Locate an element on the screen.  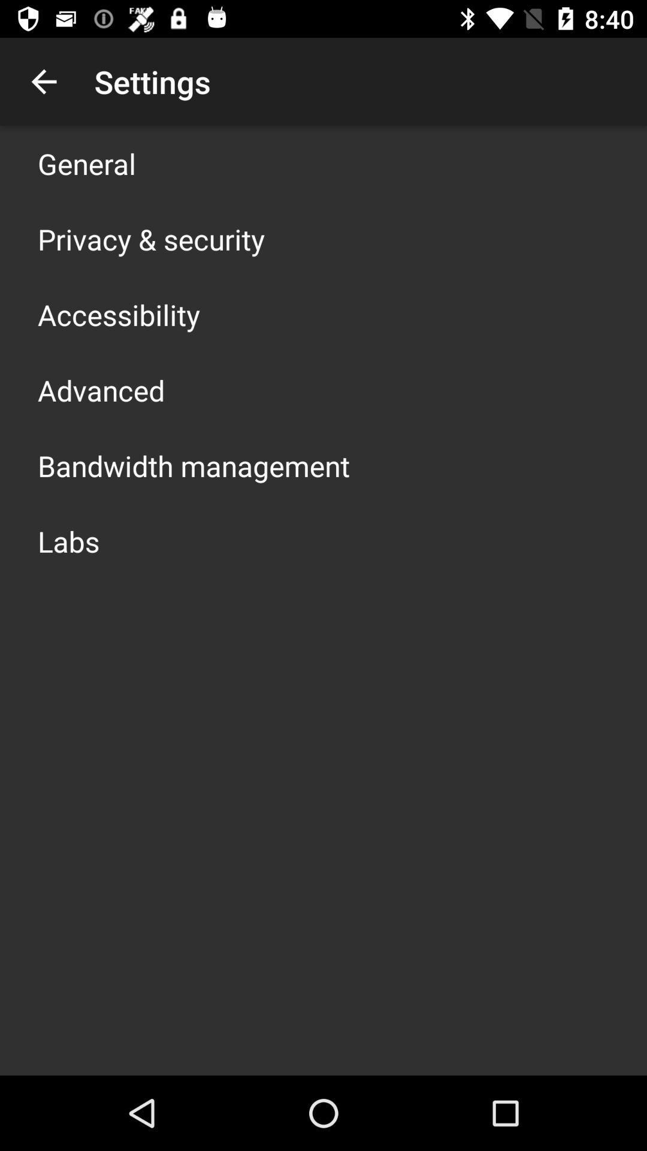
general app is located at coordinates (86, 163).